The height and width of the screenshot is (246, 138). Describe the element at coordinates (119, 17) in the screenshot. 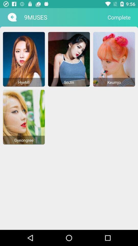

I see `the complete icon` at that location.